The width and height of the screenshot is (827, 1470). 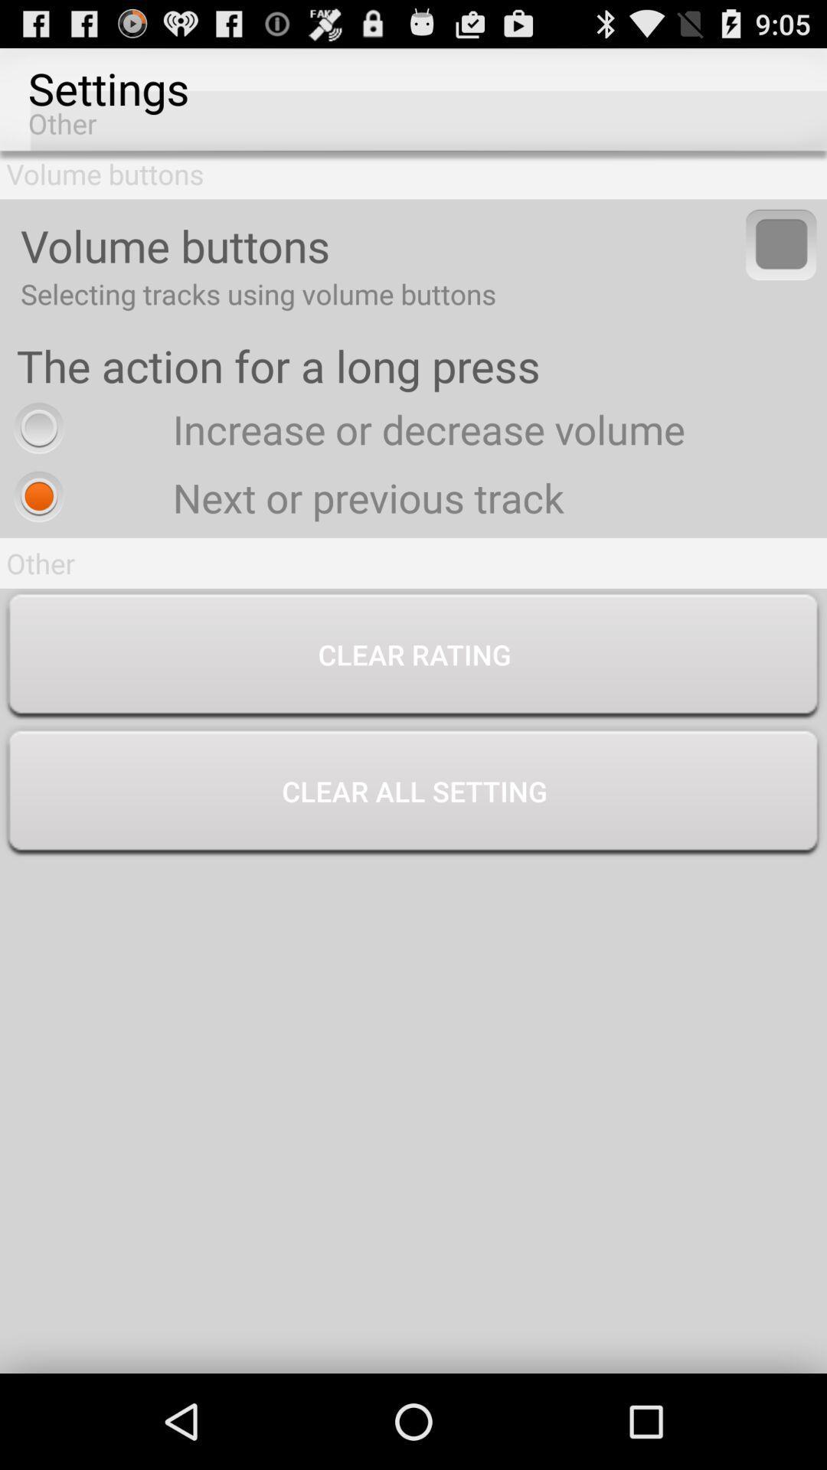 I want to click on the increase or decrease item, so click(x=345, y=429).